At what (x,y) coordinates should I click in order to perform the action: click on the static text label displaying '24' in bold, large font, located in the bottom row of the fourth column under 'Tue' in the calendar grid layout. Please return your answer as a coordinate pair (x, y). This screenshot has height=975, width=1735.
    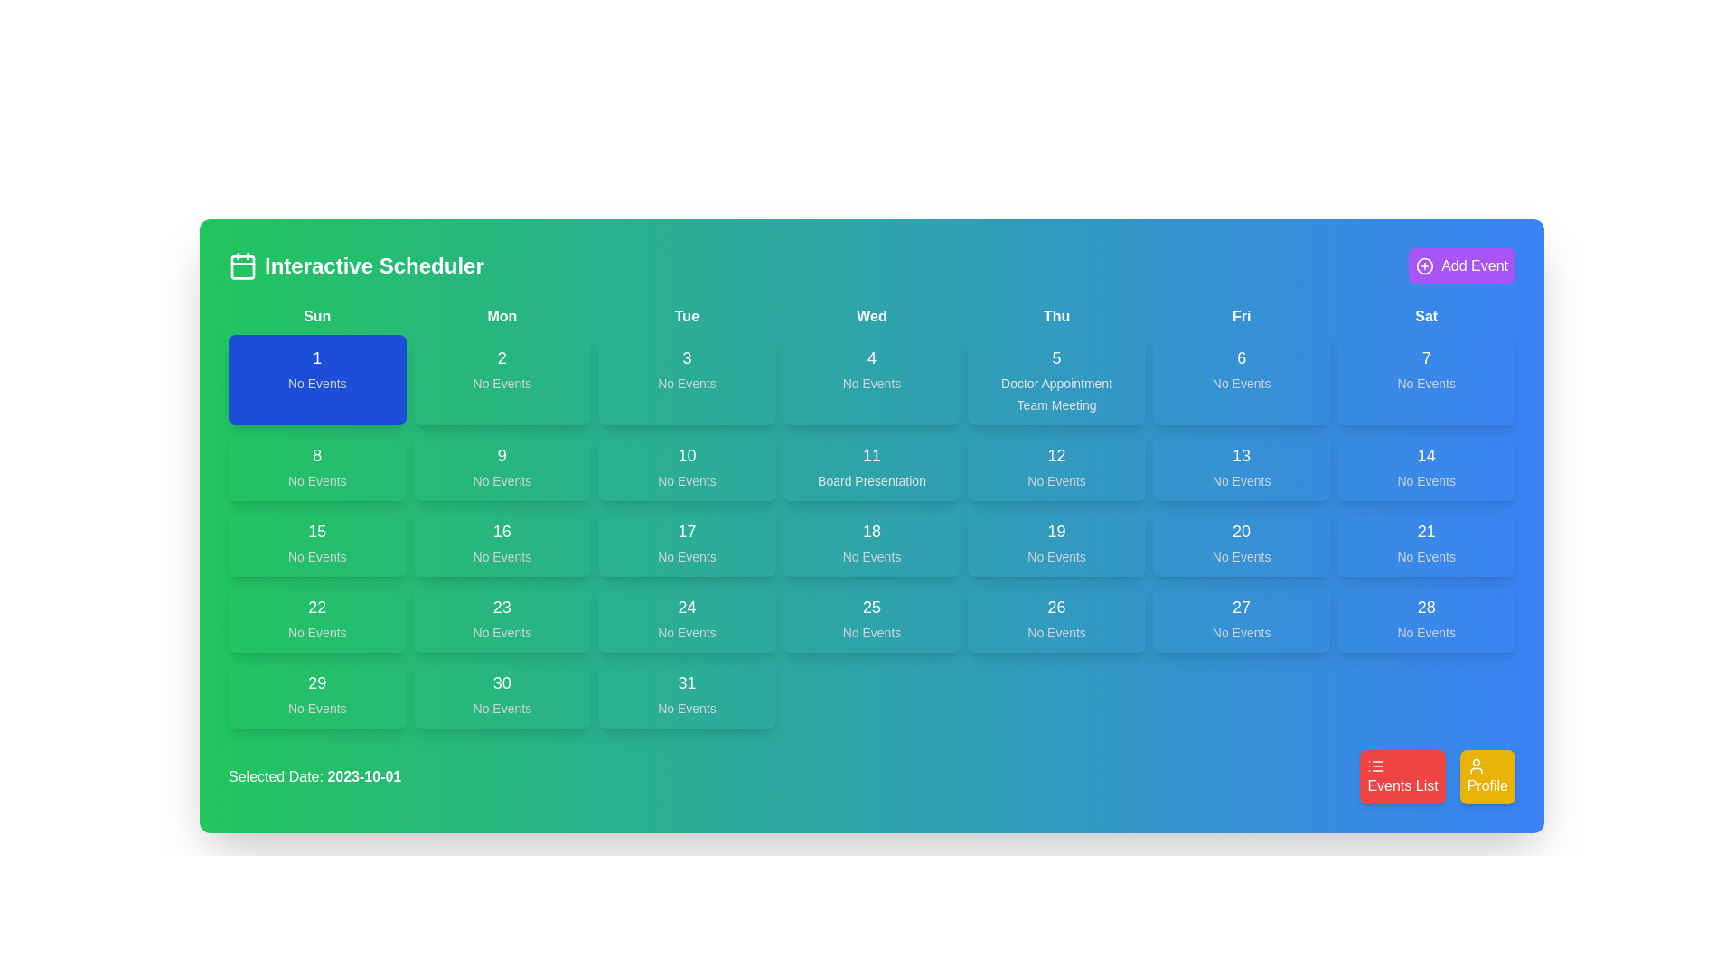
    Looking at the image, I should click on (686, 607).